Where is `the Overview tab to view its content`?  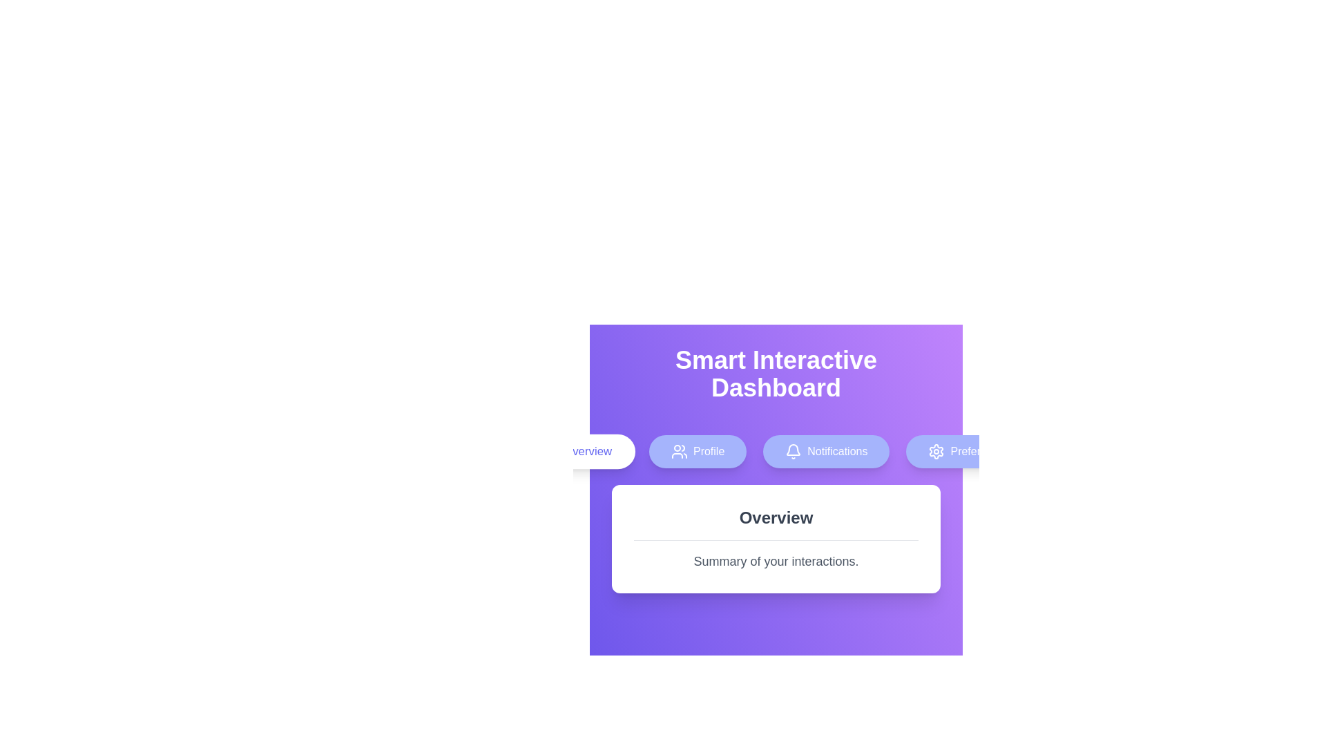
the Overview tab to view its content is located at coordinates (576, 452).